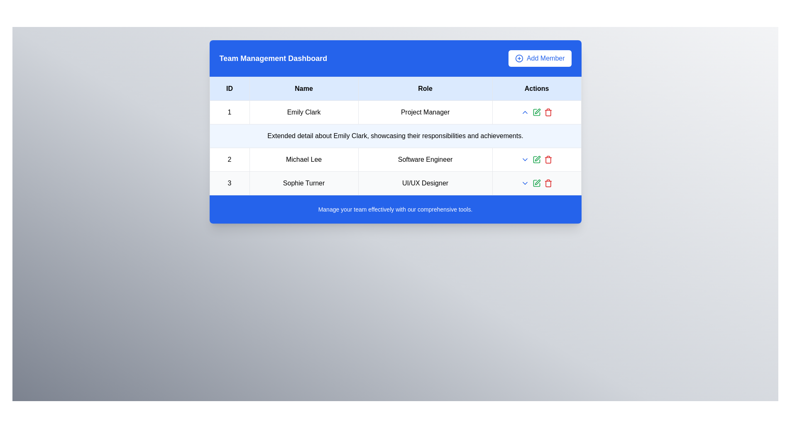 Image resolution: width=797 pixels, height=448 pixels. I want to click on the text element displaying 'Team Management Dashboard' in a bold, large-sized font on the blue header section, so click(273, 58).